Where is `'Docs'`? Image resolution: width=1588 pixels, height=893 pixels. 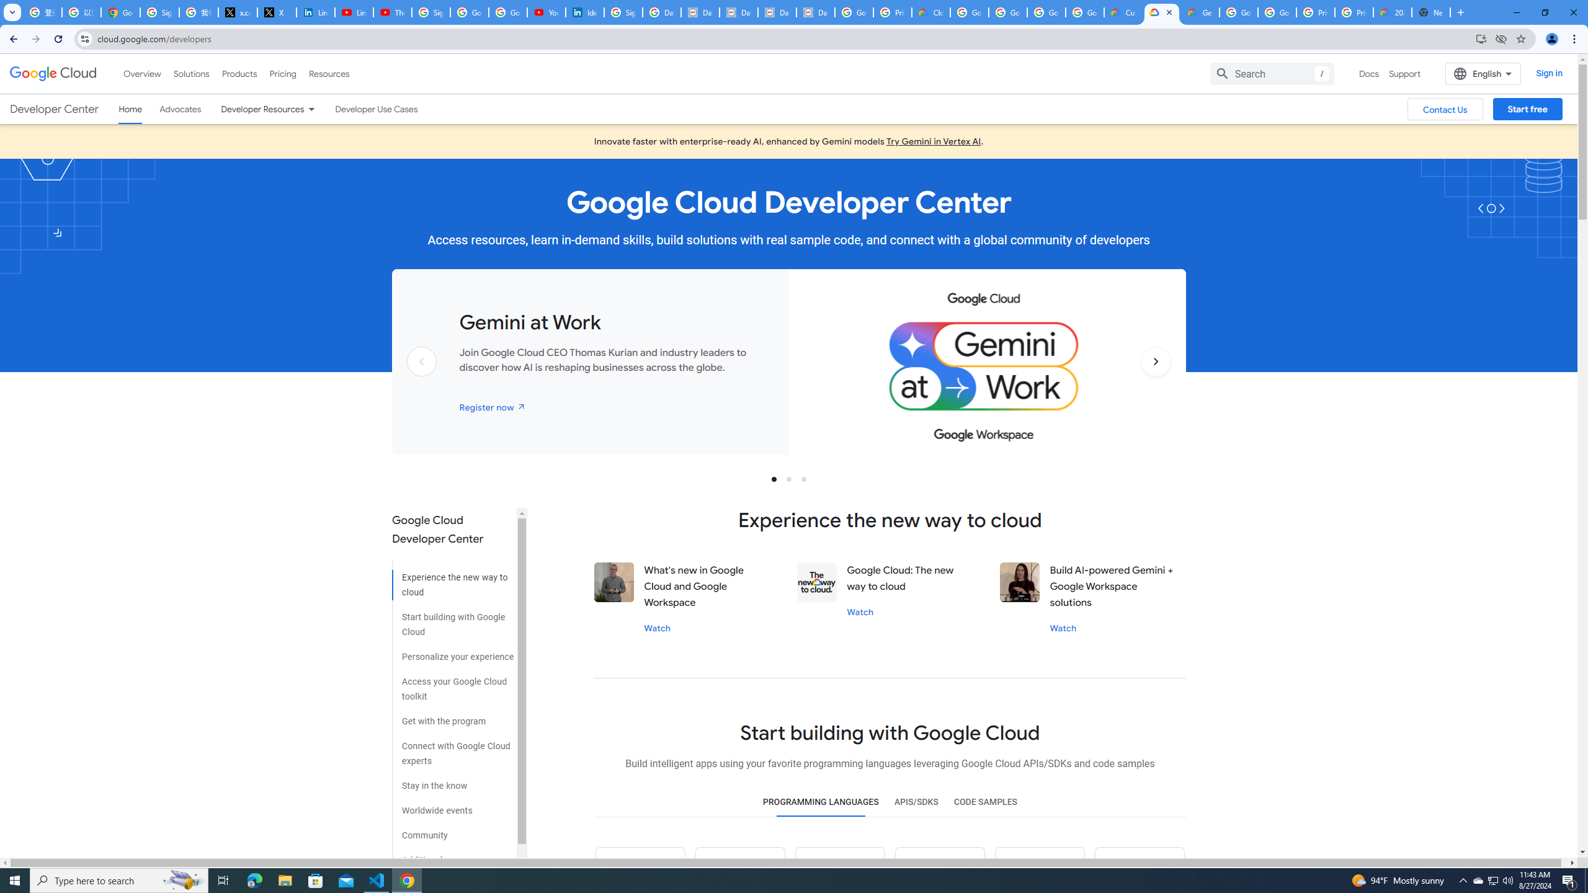 'Docs' is located at coordinates (1368, 73).